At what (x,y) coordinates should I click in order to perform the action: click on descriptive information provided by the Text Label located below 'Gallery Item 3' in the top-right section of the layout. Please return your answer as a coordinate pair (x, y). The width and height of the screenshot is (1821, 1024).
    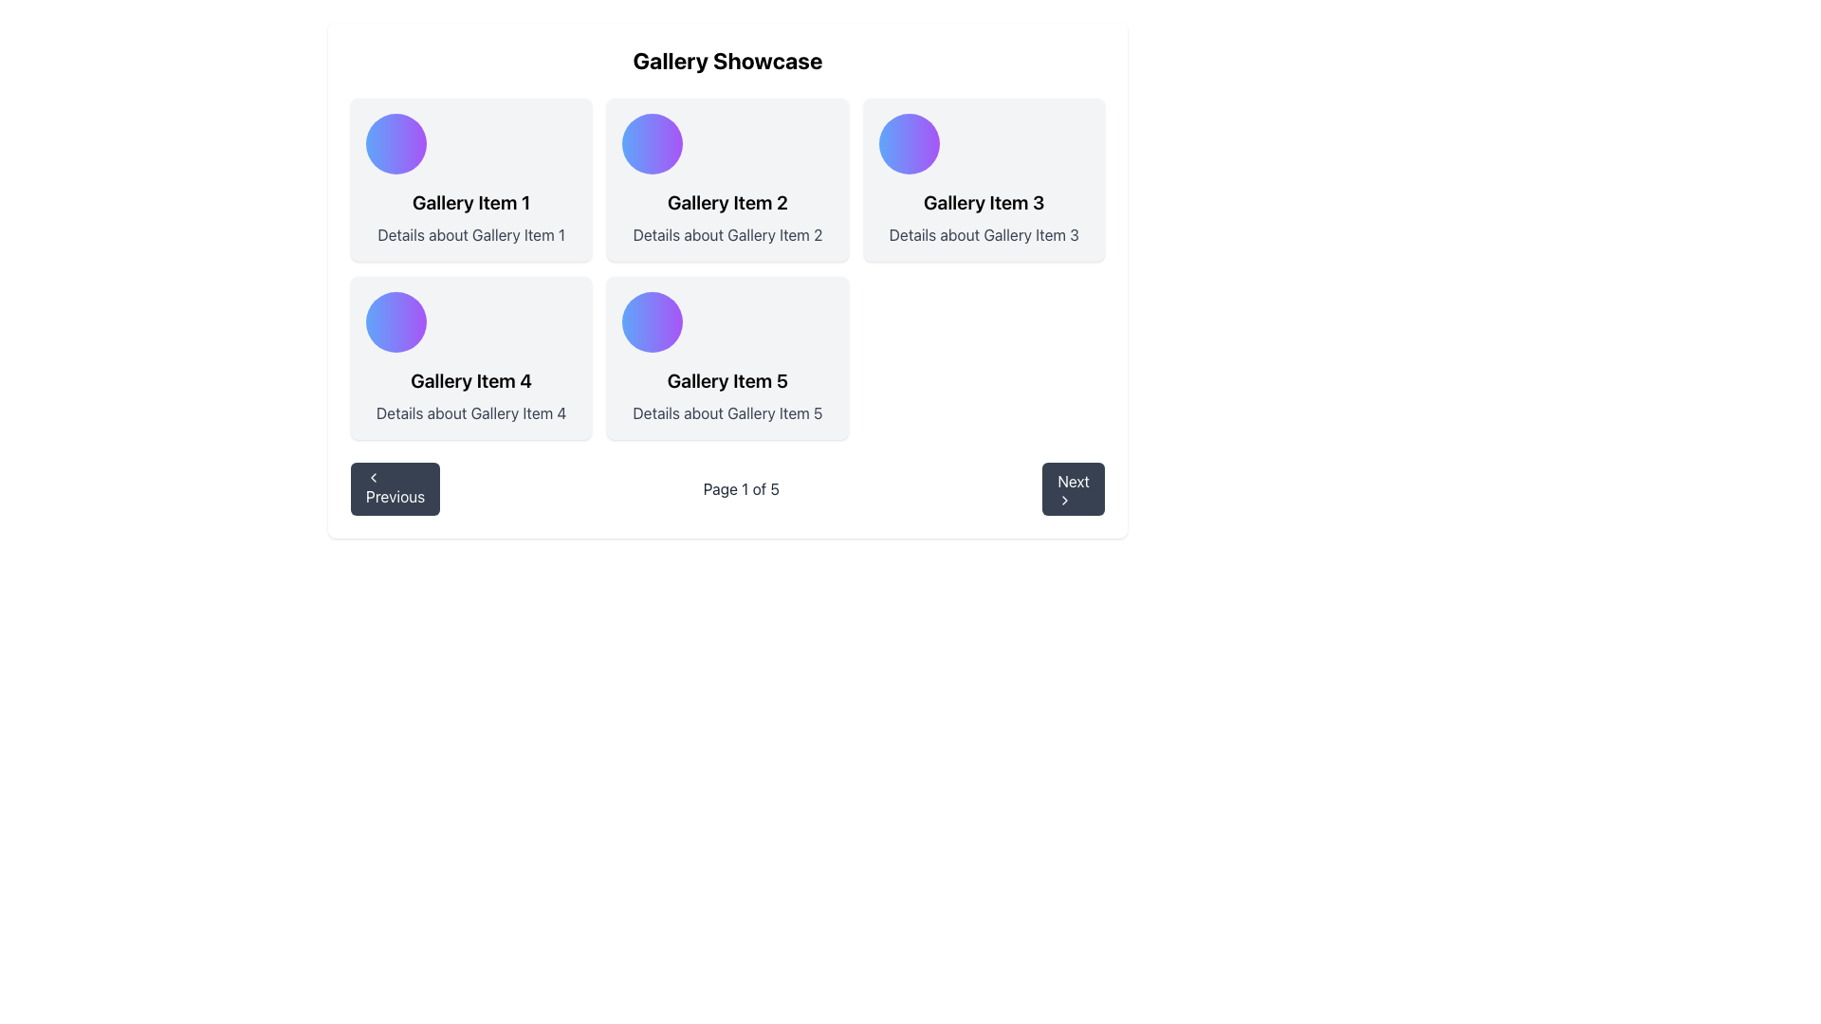
    Looking at the image, I should click on (984, 233).